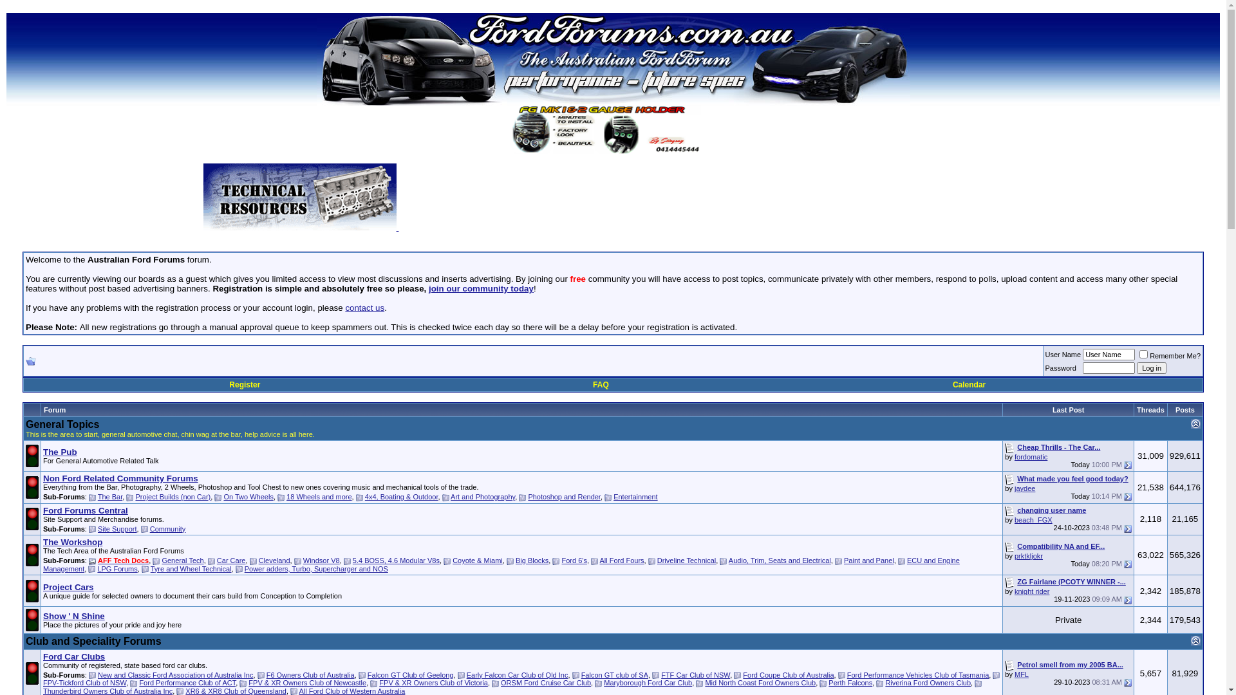 The image size is (1236, 695). What do you see at coordinates (760, 681) in the screenshot?
I see `'Mid North Coast Ford Owners Club'` at bounding box center [760, 681].